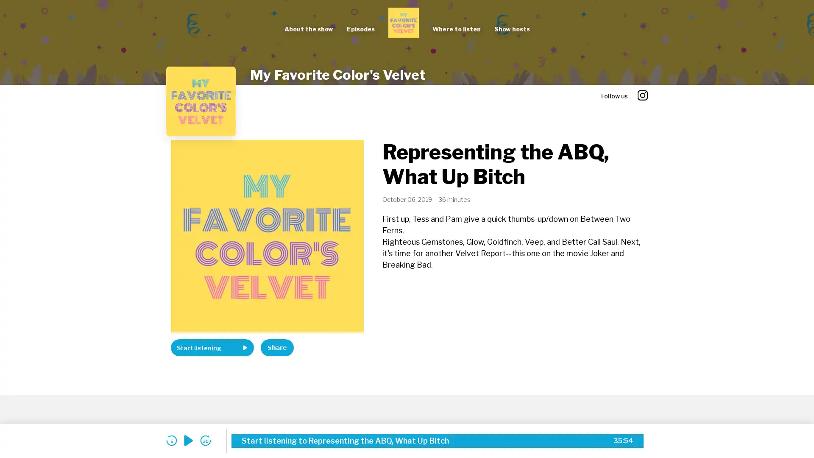  What do you see at coordinates (171, 440) in the screenshot?
I see `skip back 5 seconds` at bounding box center [171, 440].